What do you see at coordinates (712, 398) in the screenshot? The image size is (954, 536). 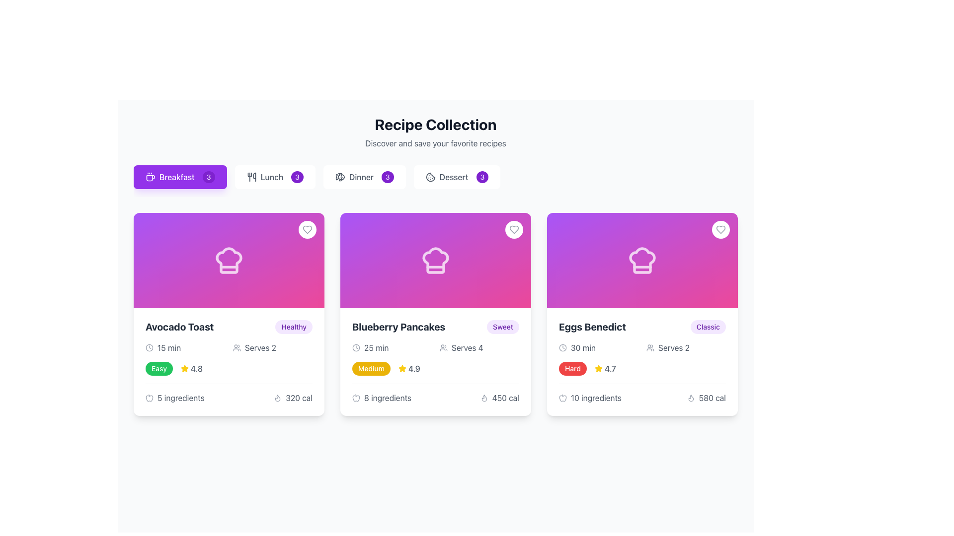 I see `text label displaying '580 cal' located in the bottom-right section of the 'Eggs Benedict' card in the 'Recipe Collection' interface, which is styled in gray next to a flame icon` at bounding box center [712, 398].